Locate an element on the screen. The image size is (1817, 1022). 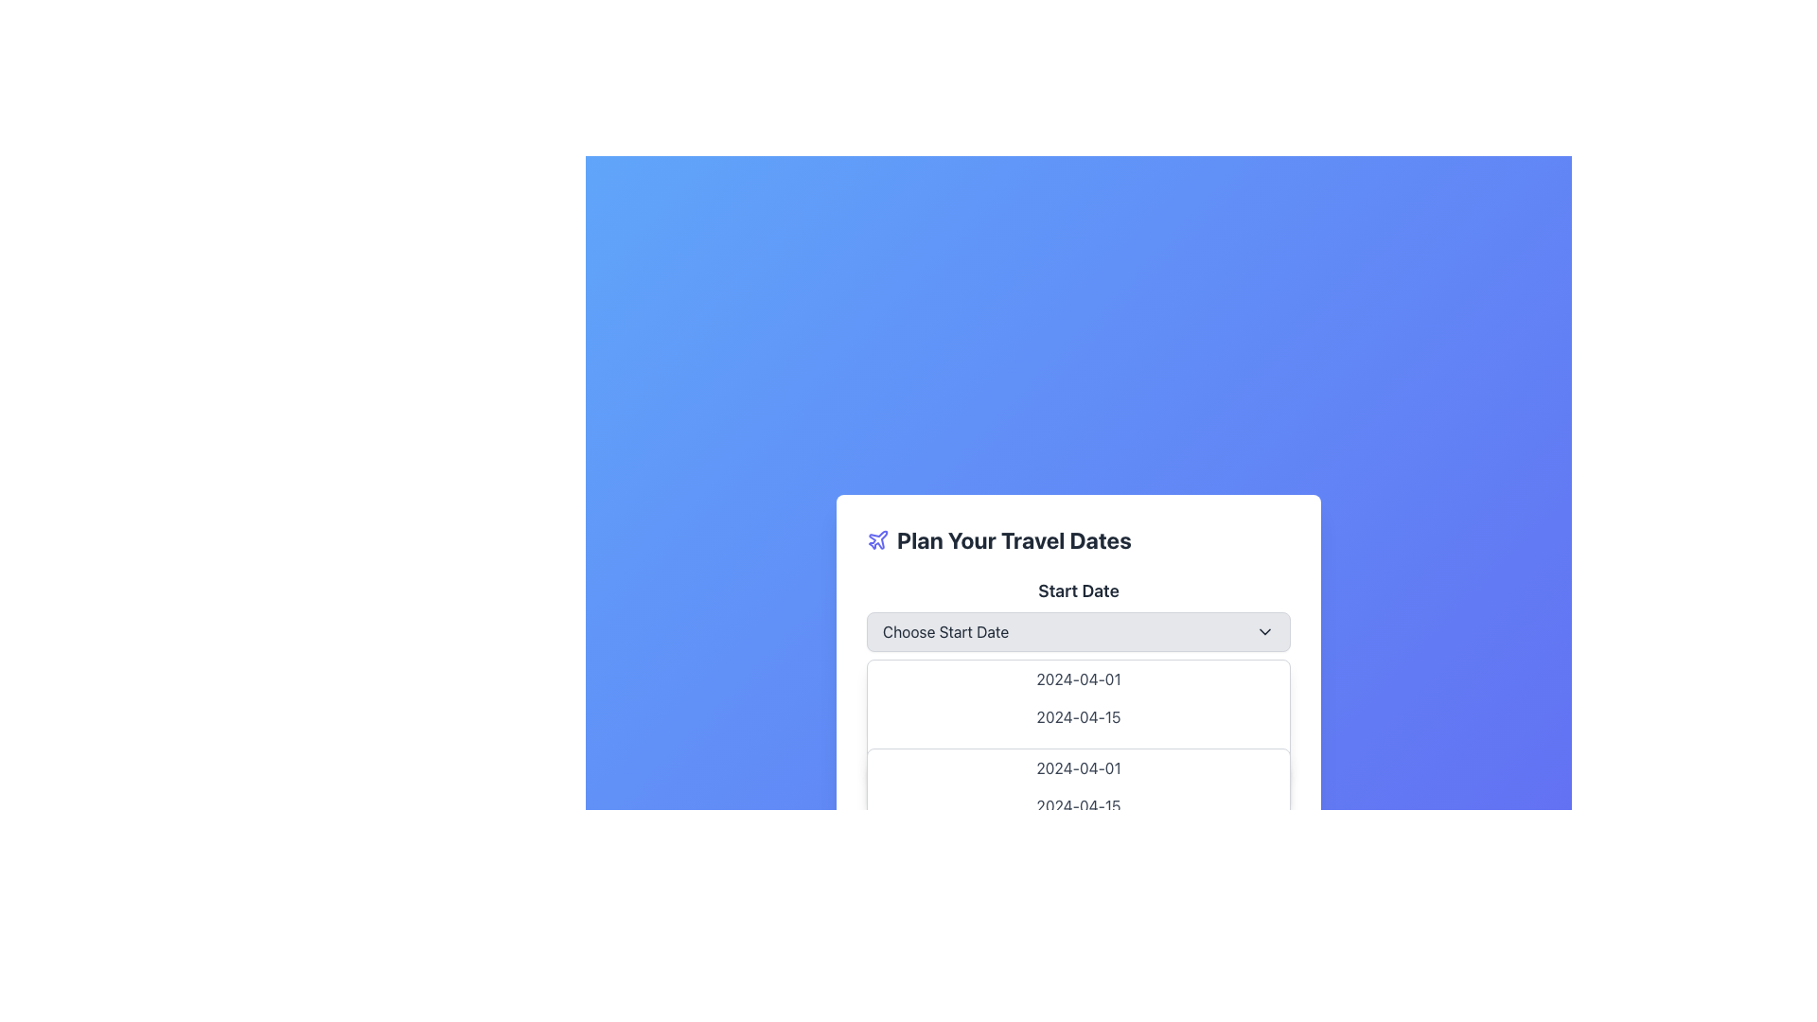
the second item in the dropdown menu displaying the date '2024-04-15' is located at coordinates (1079, 721).